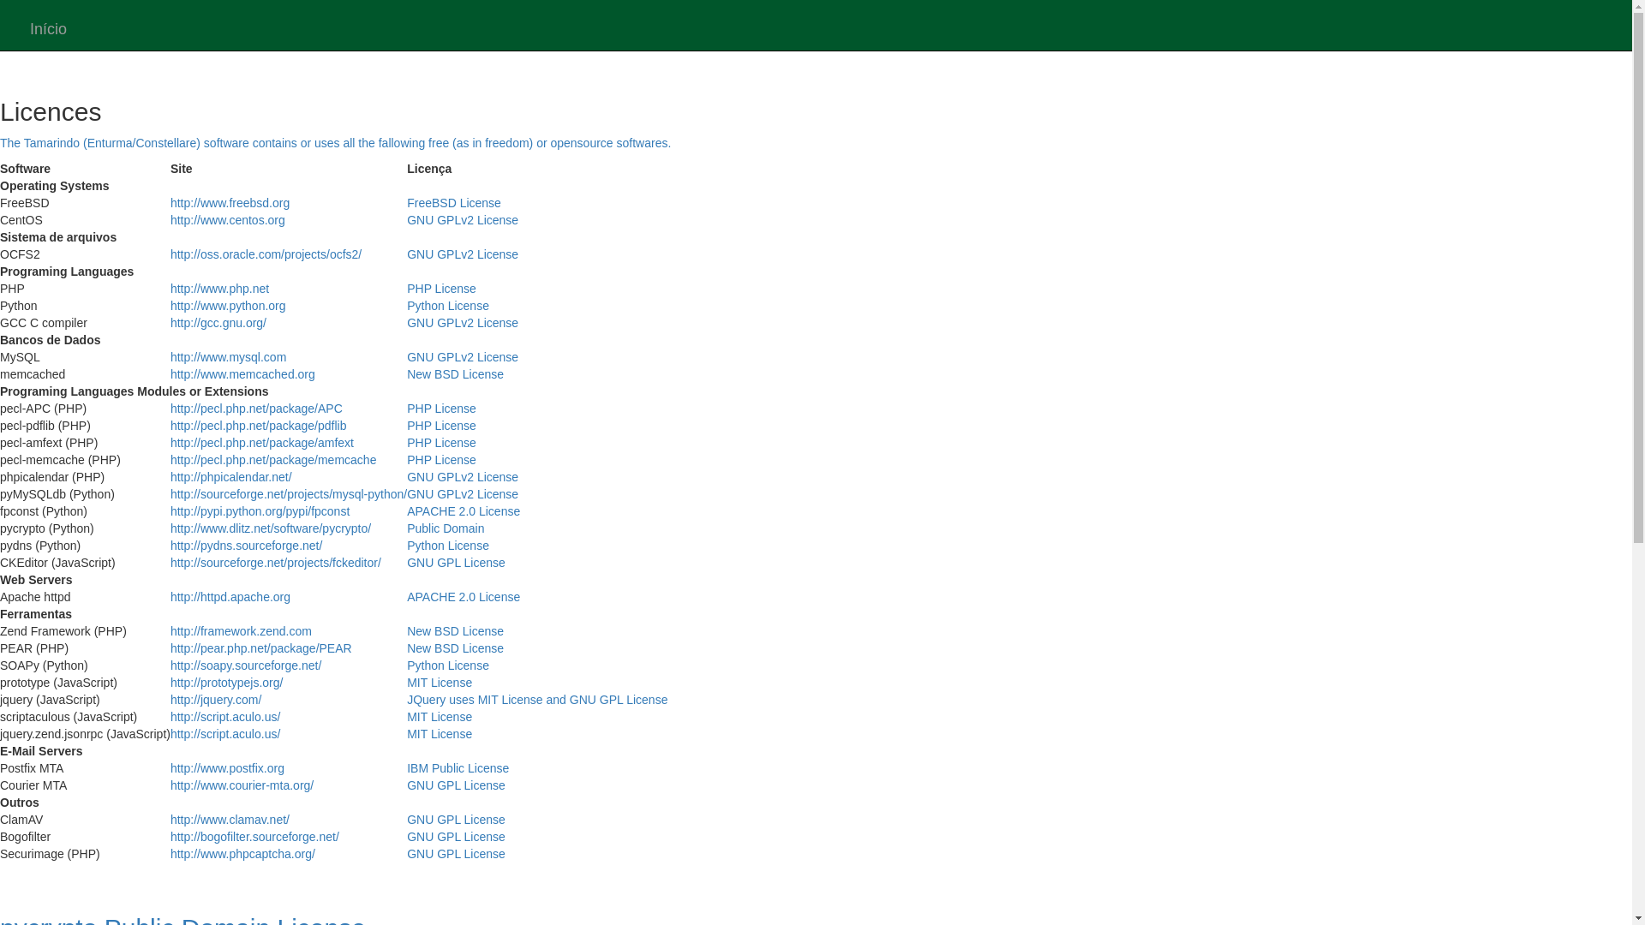 This screenshot has width=1645, height=925. What do you see at coordinates (224, 732) in the screenshot?
I see `'http://script.aculo.us/'` at bounding box center [224, 732].